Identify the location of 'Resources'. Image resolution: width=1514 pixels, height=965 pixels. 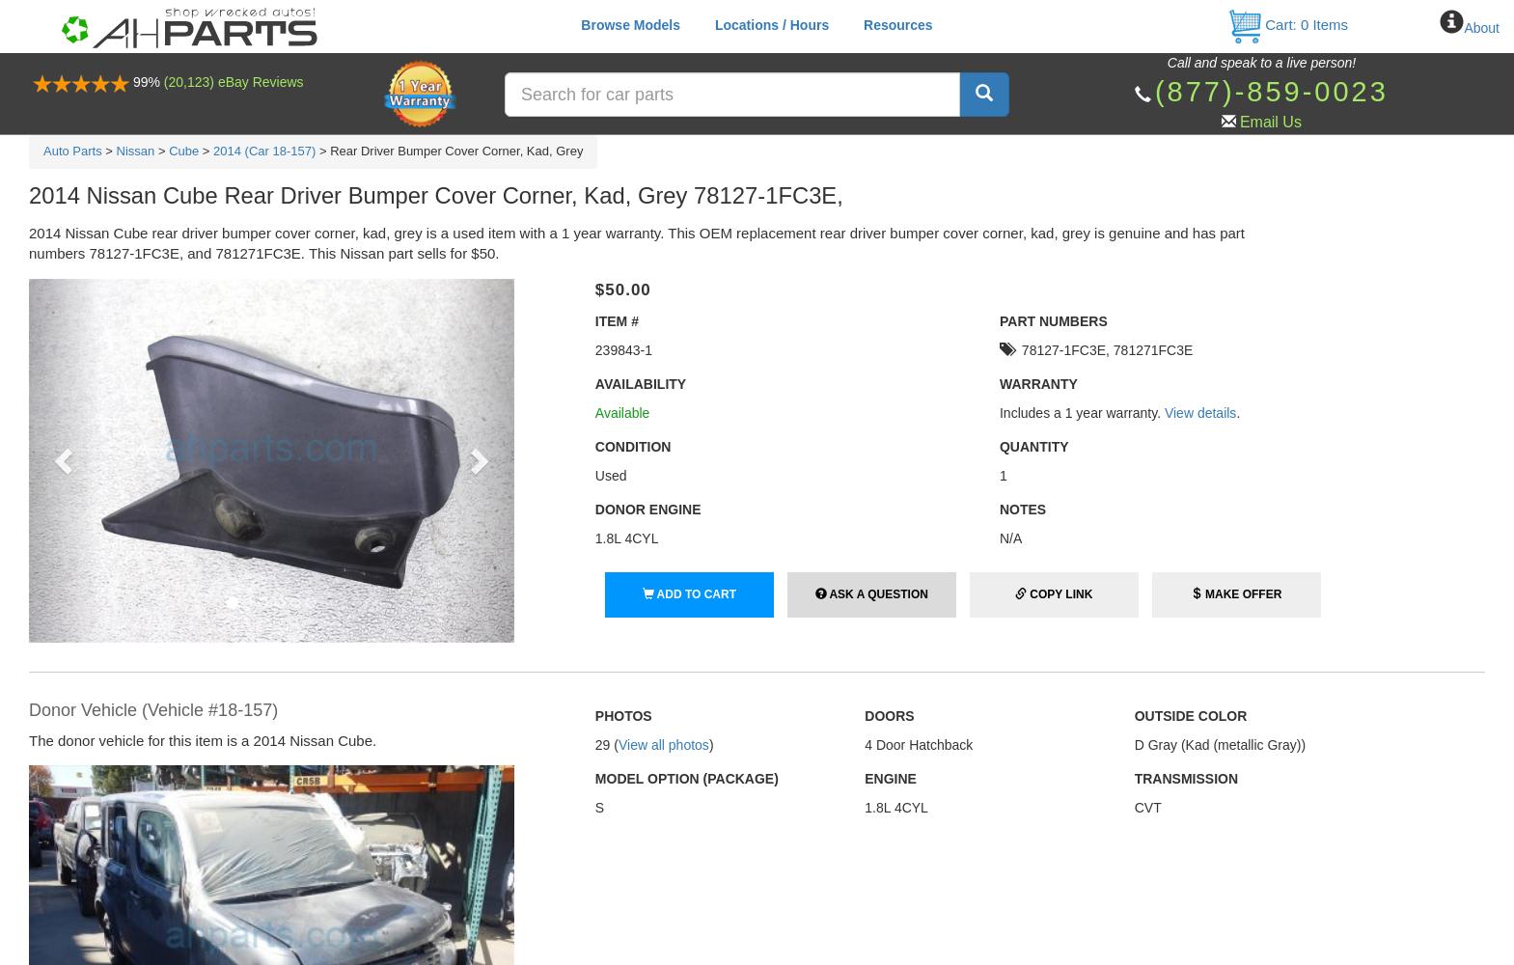
(897, 25).